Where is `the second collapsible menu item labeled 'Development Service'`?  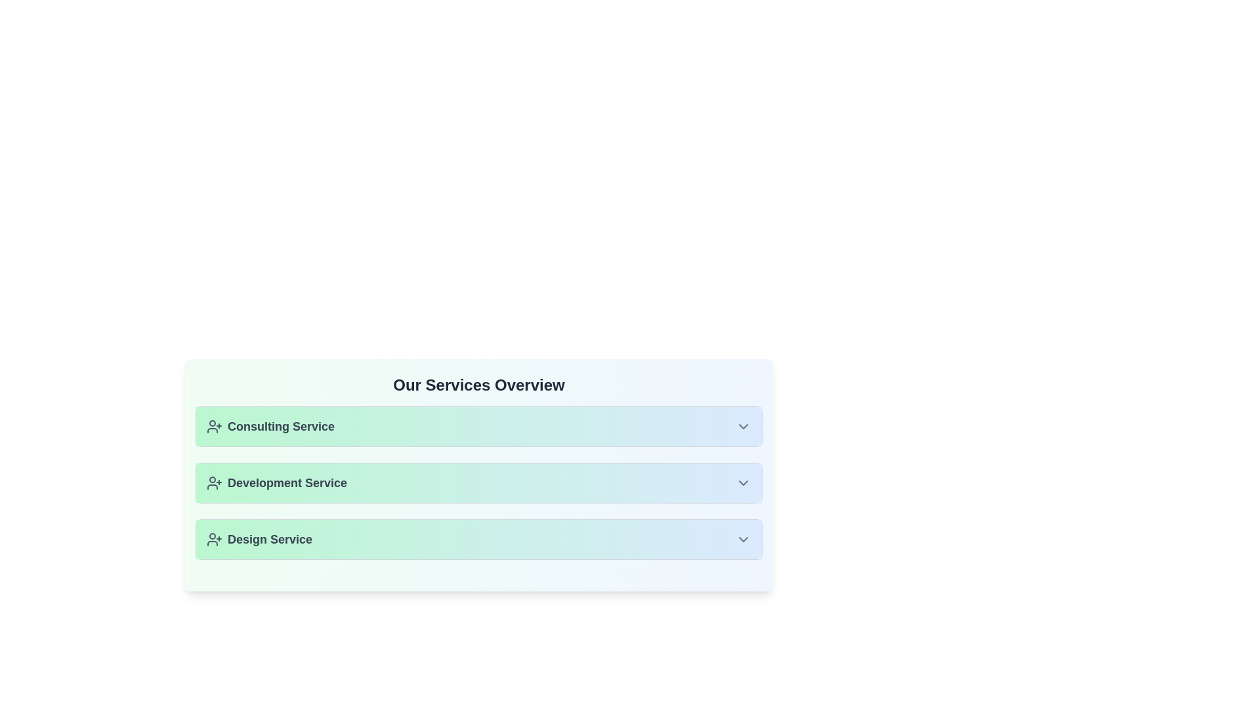
the second collapsible menu item labeled 'Development Service' is located at coordinates (478, 483).